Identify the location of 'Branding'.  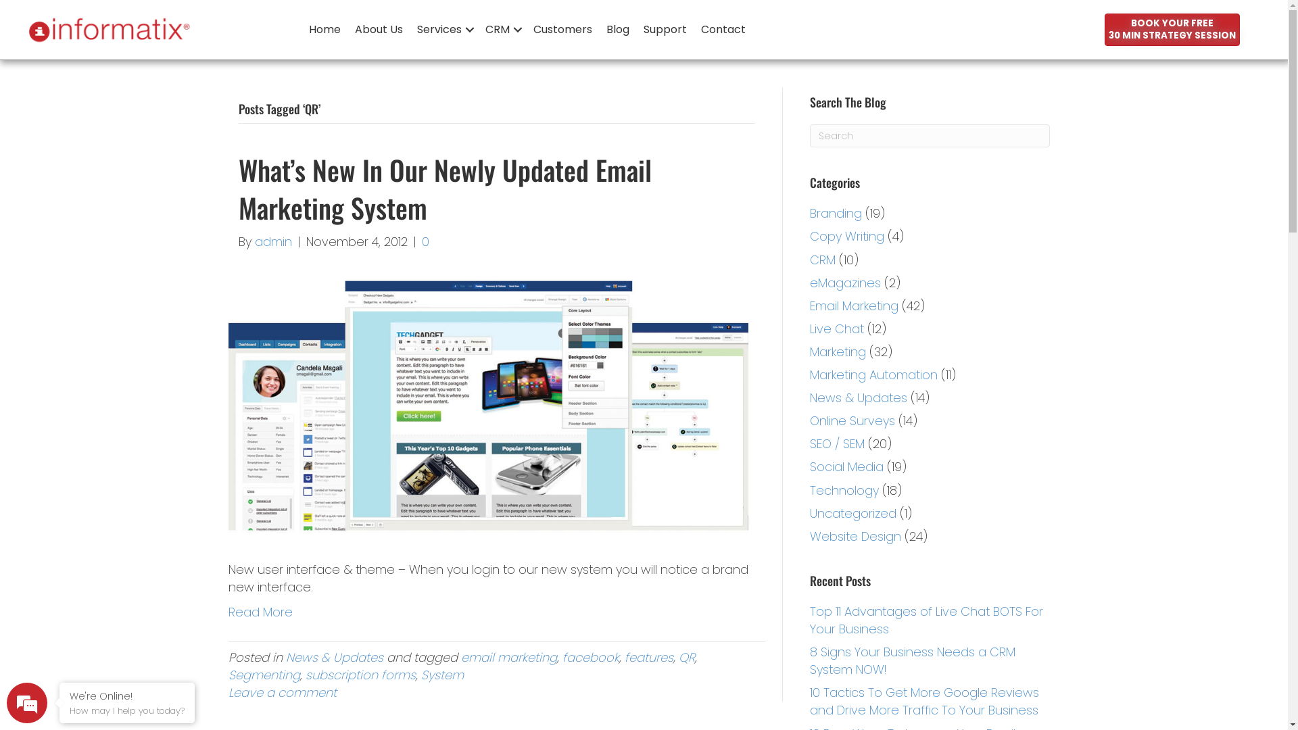
(835, 213).